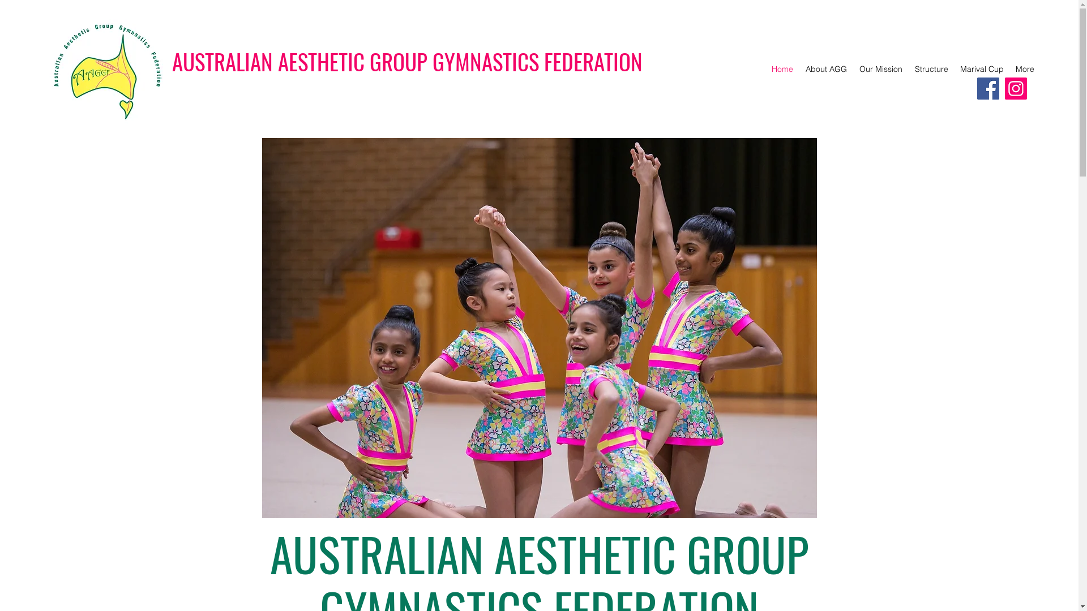 The width and height of the screenshot is (1087, 611). Describe the element at coordinates (931, 69) in the screenshot. I see `'Structure'` at that location.